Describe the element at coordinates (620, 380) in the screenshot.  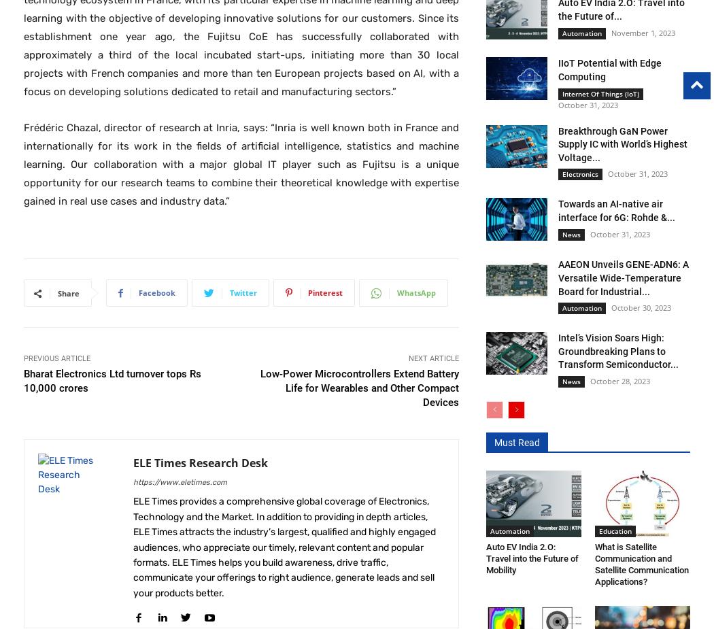
I see `'October 28, 2023'` at that location.